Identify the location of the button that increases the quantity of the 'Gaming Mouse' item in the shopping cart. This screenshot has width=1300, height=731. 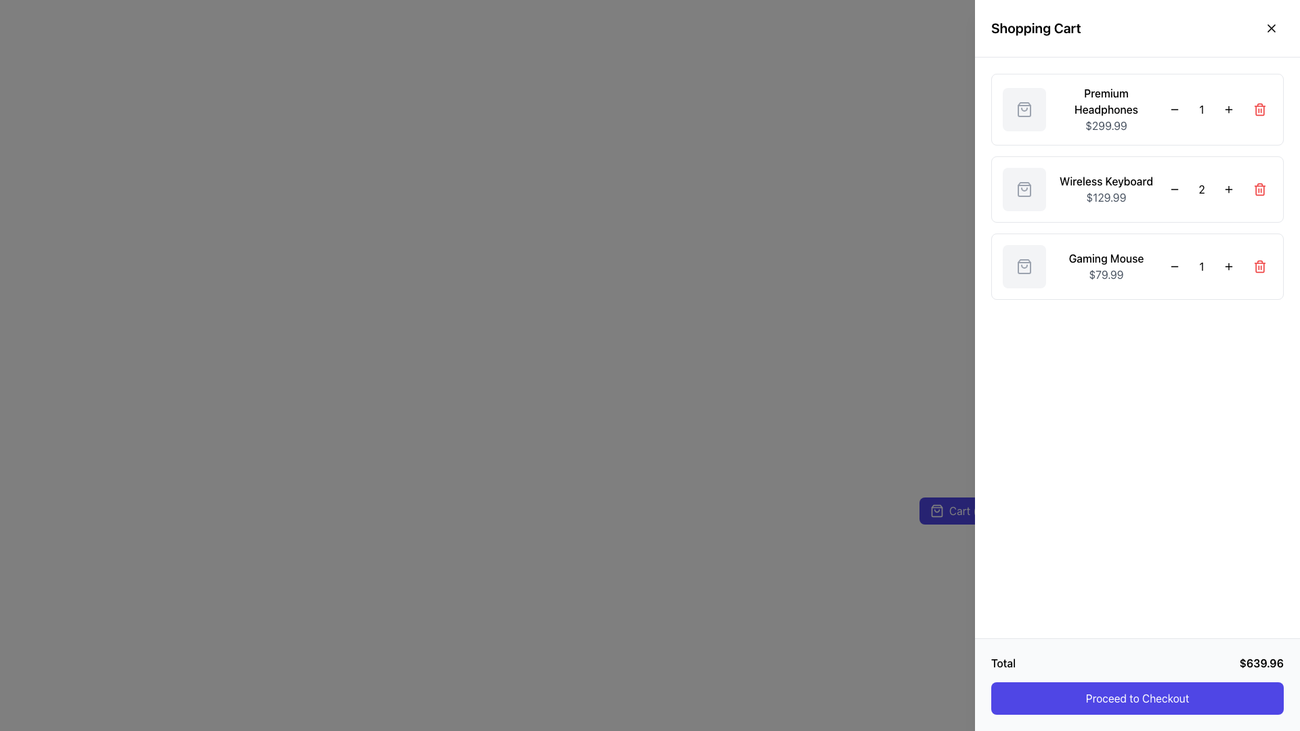
(1228, 266).